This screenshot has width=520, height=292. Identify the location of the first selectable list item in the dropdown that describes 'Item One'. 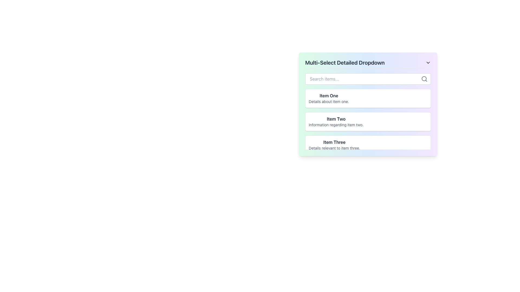
(368, 98).